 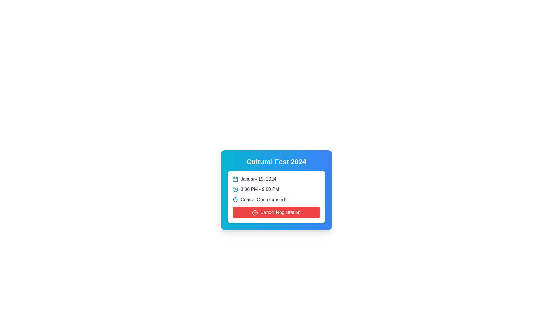 What do you see at coordinates (276, 189) in the screenshot?
I see `displayed time range text '3:00 PM - 9:00 PM' located in the pop-up card titled 'Cultural Fest 2024', which has a small clock icon to its left` at bounding box center [276, 189].